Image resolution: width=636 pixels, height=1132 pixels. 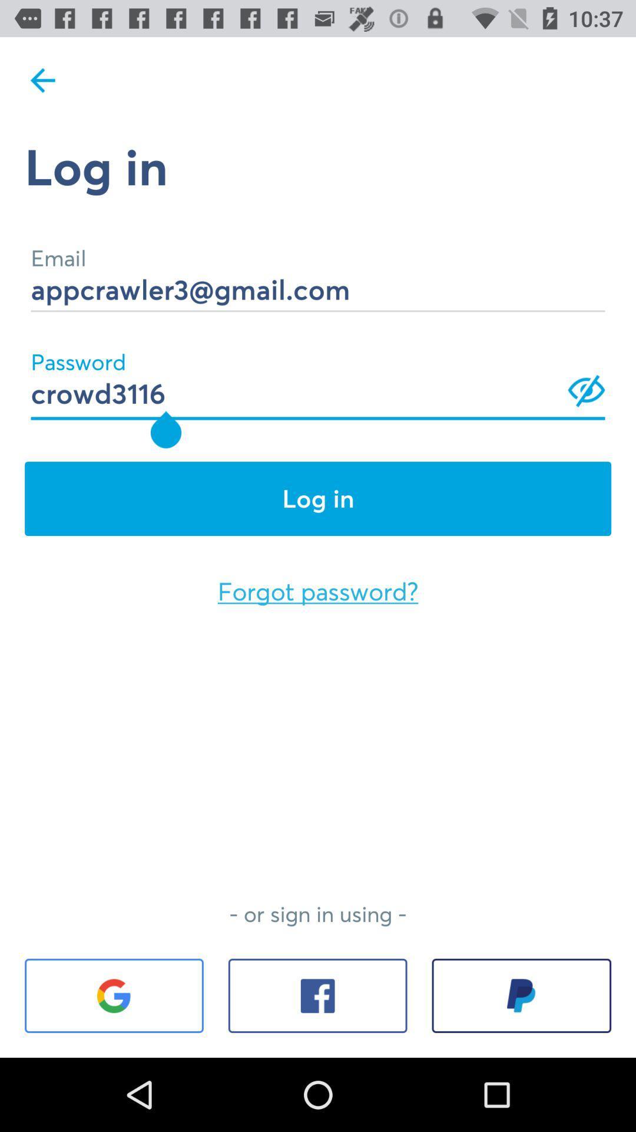 I want to click on the icon below or sign in, so click(x=114, y=995).